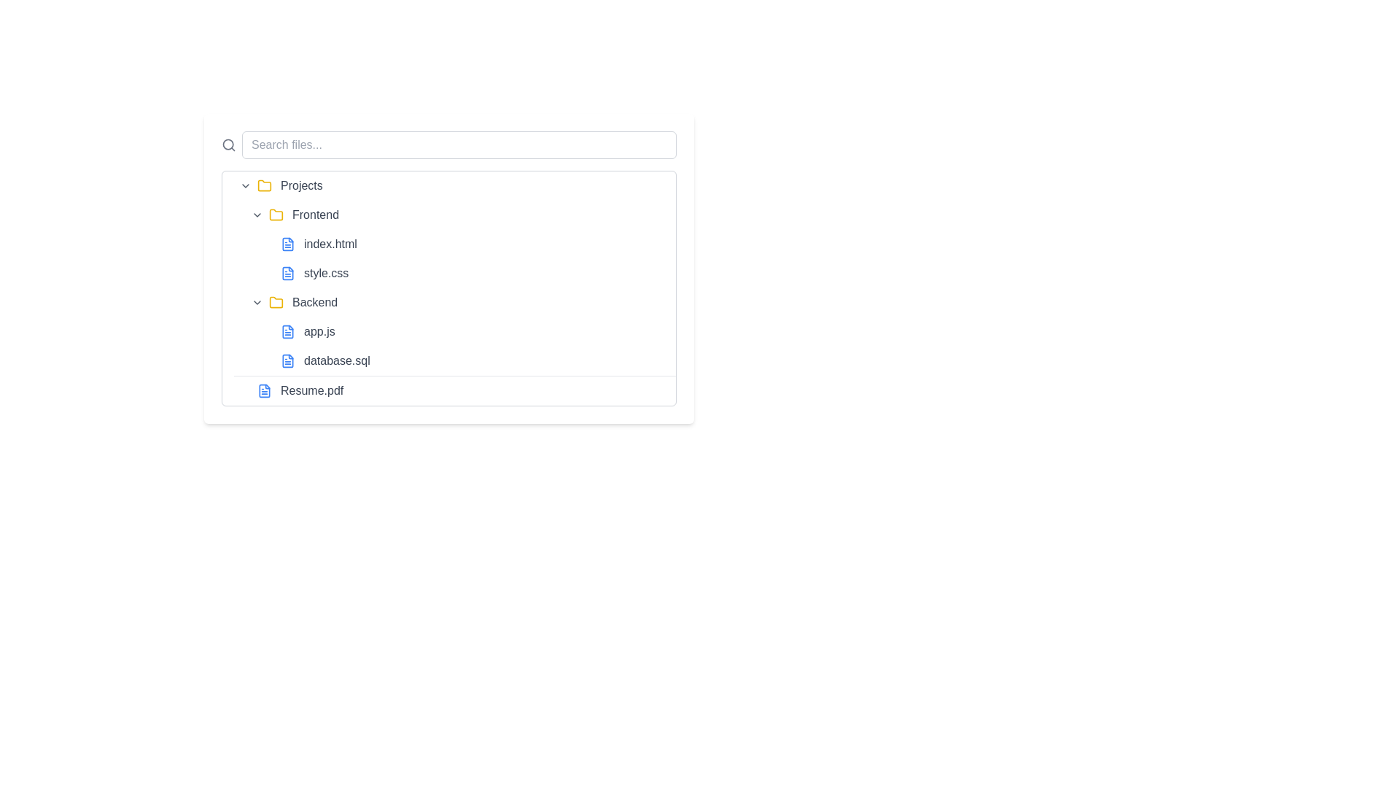 Image resolution: width=1400 pixels, height=788 pixels. Describe the element at coordinates (276, 214) in the screenshot. I see `the yellow folder icon located to the left of the 'Frontend' label` at that location.